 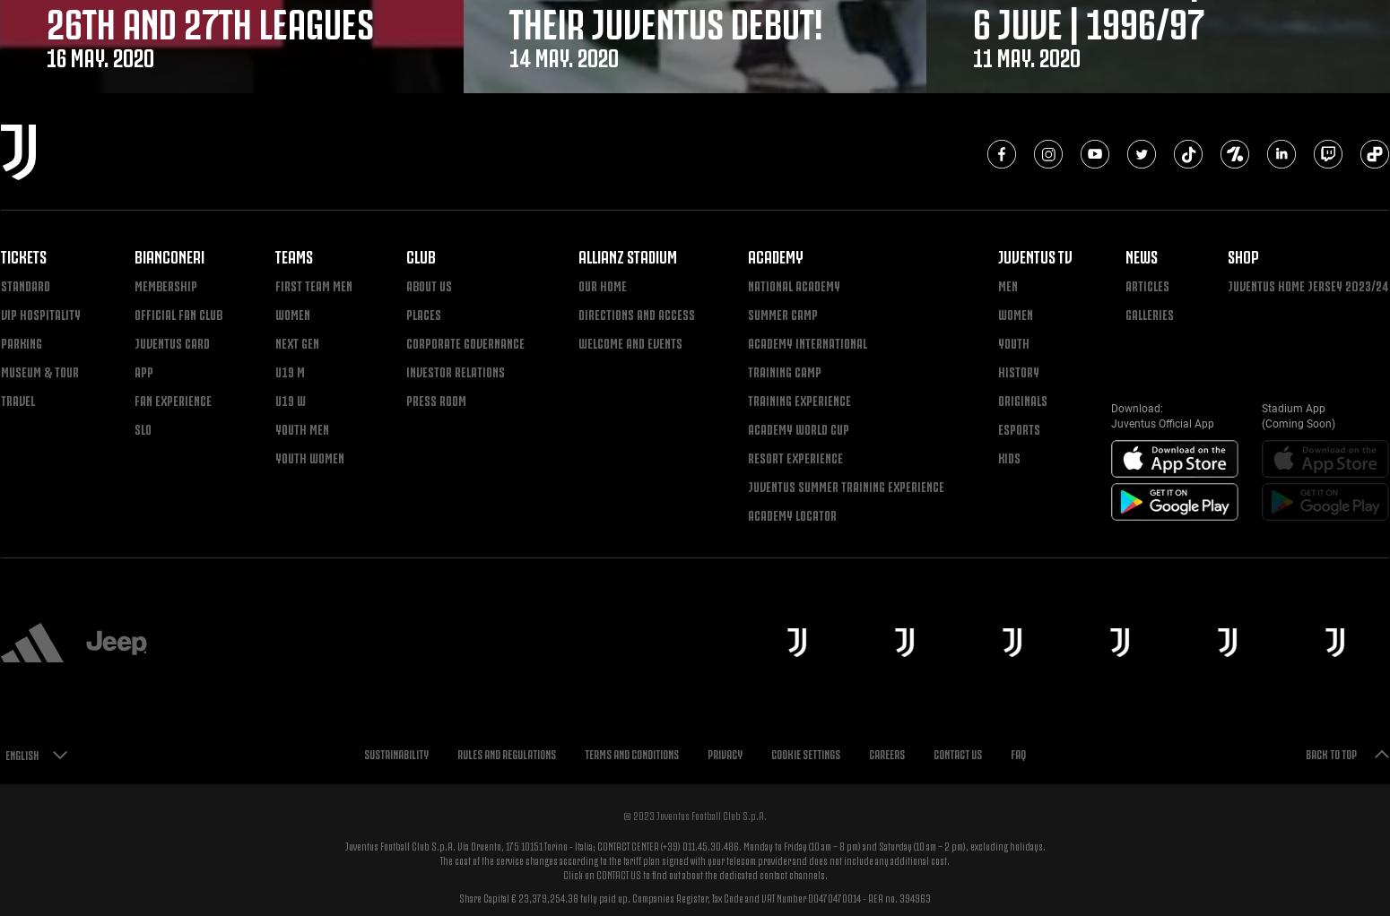 I want to click on 'Youth', so click(x=995, y=341).